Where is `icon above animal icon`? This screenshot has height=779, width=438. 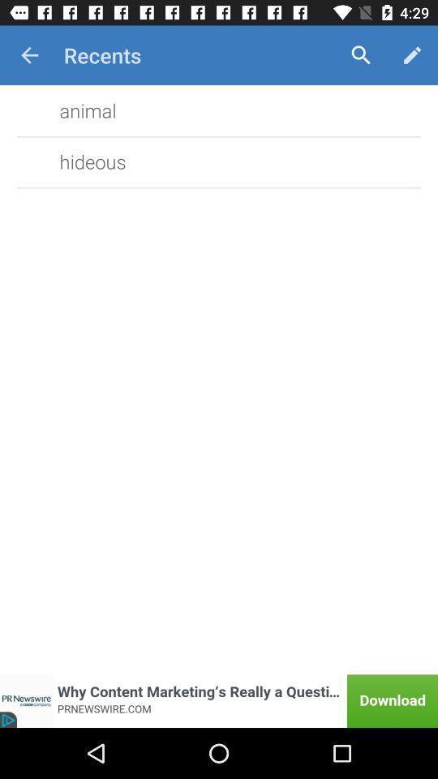 icon above animal icon is located at coordinates (29, 55).